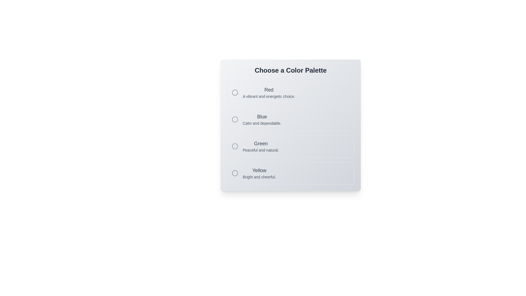  What do you see at coordinates (259, 173) in the screenshot?
I see `the 'Yellow' text label in the fourth option of the color palette list, which includes the description 'Bright and cheerful.'` at bounding box center [259, 173].